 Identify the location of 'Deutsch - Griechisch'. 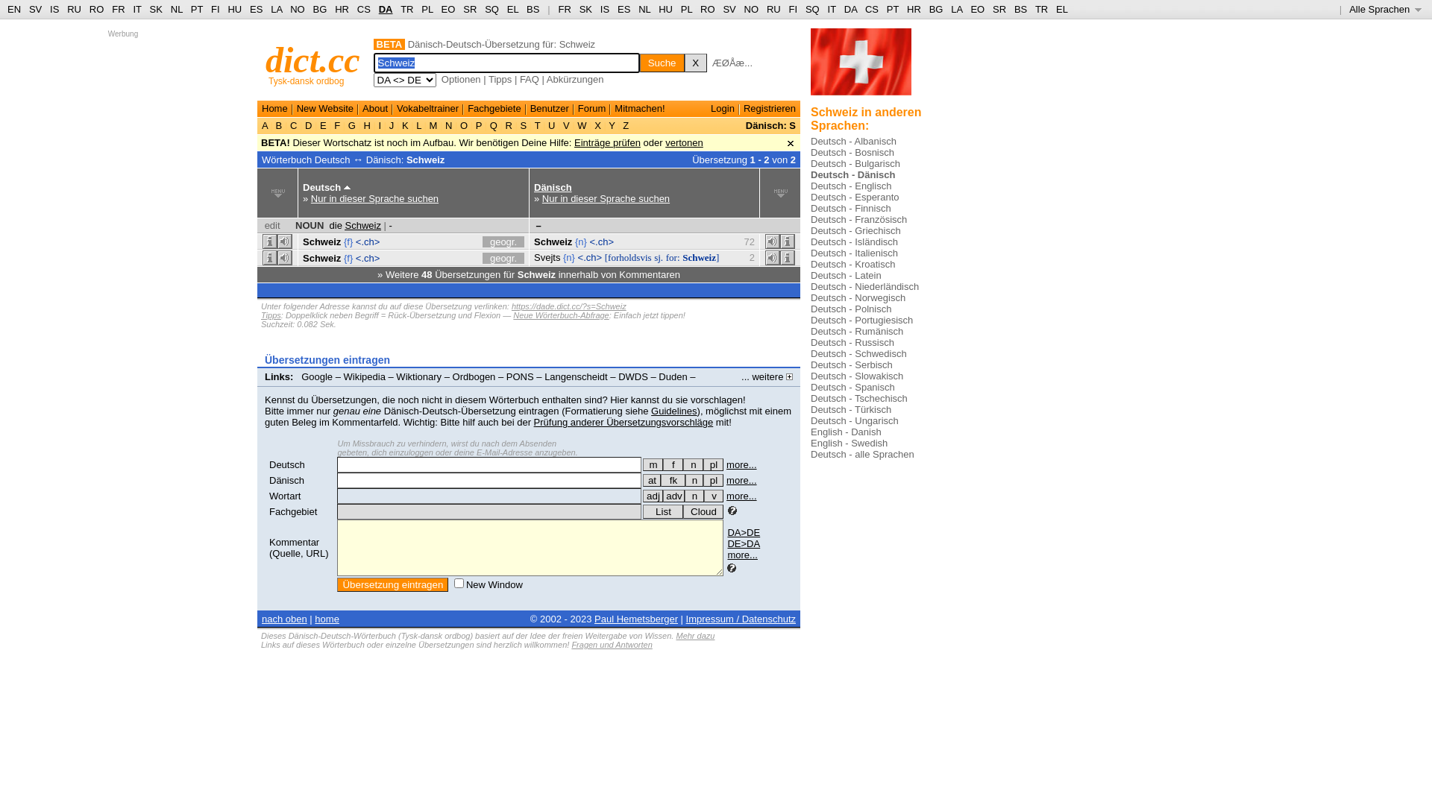
(855, 230).